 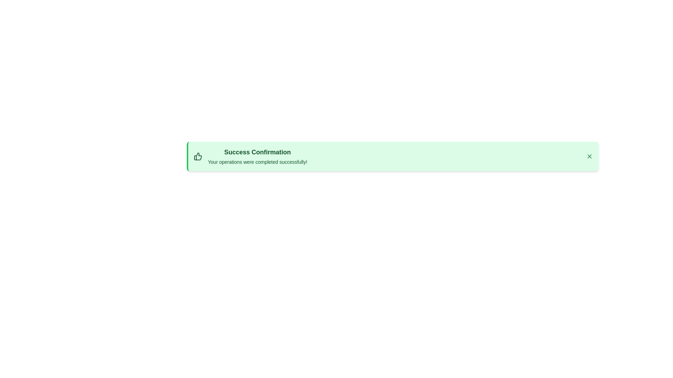 What do you see at coordinates (208, 158) in the screenshot?
I see `the description text by clicking and dragging over it` at bounding box center [208, 158].